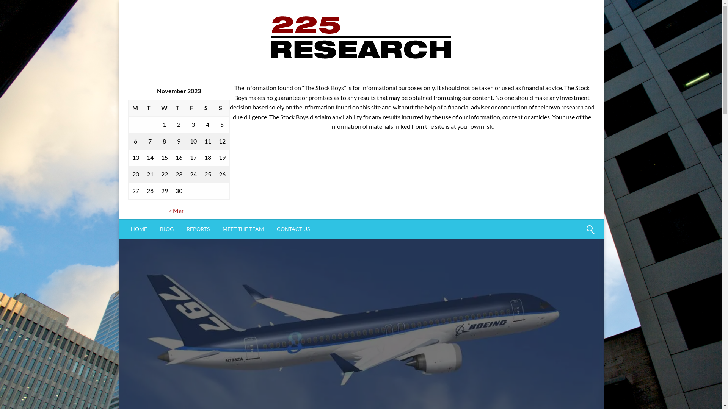 This screenshot has width=728, height=409. Describe the element at coordinates (179, 229) in the screenshot. I see `'REPORTS'` at that location.